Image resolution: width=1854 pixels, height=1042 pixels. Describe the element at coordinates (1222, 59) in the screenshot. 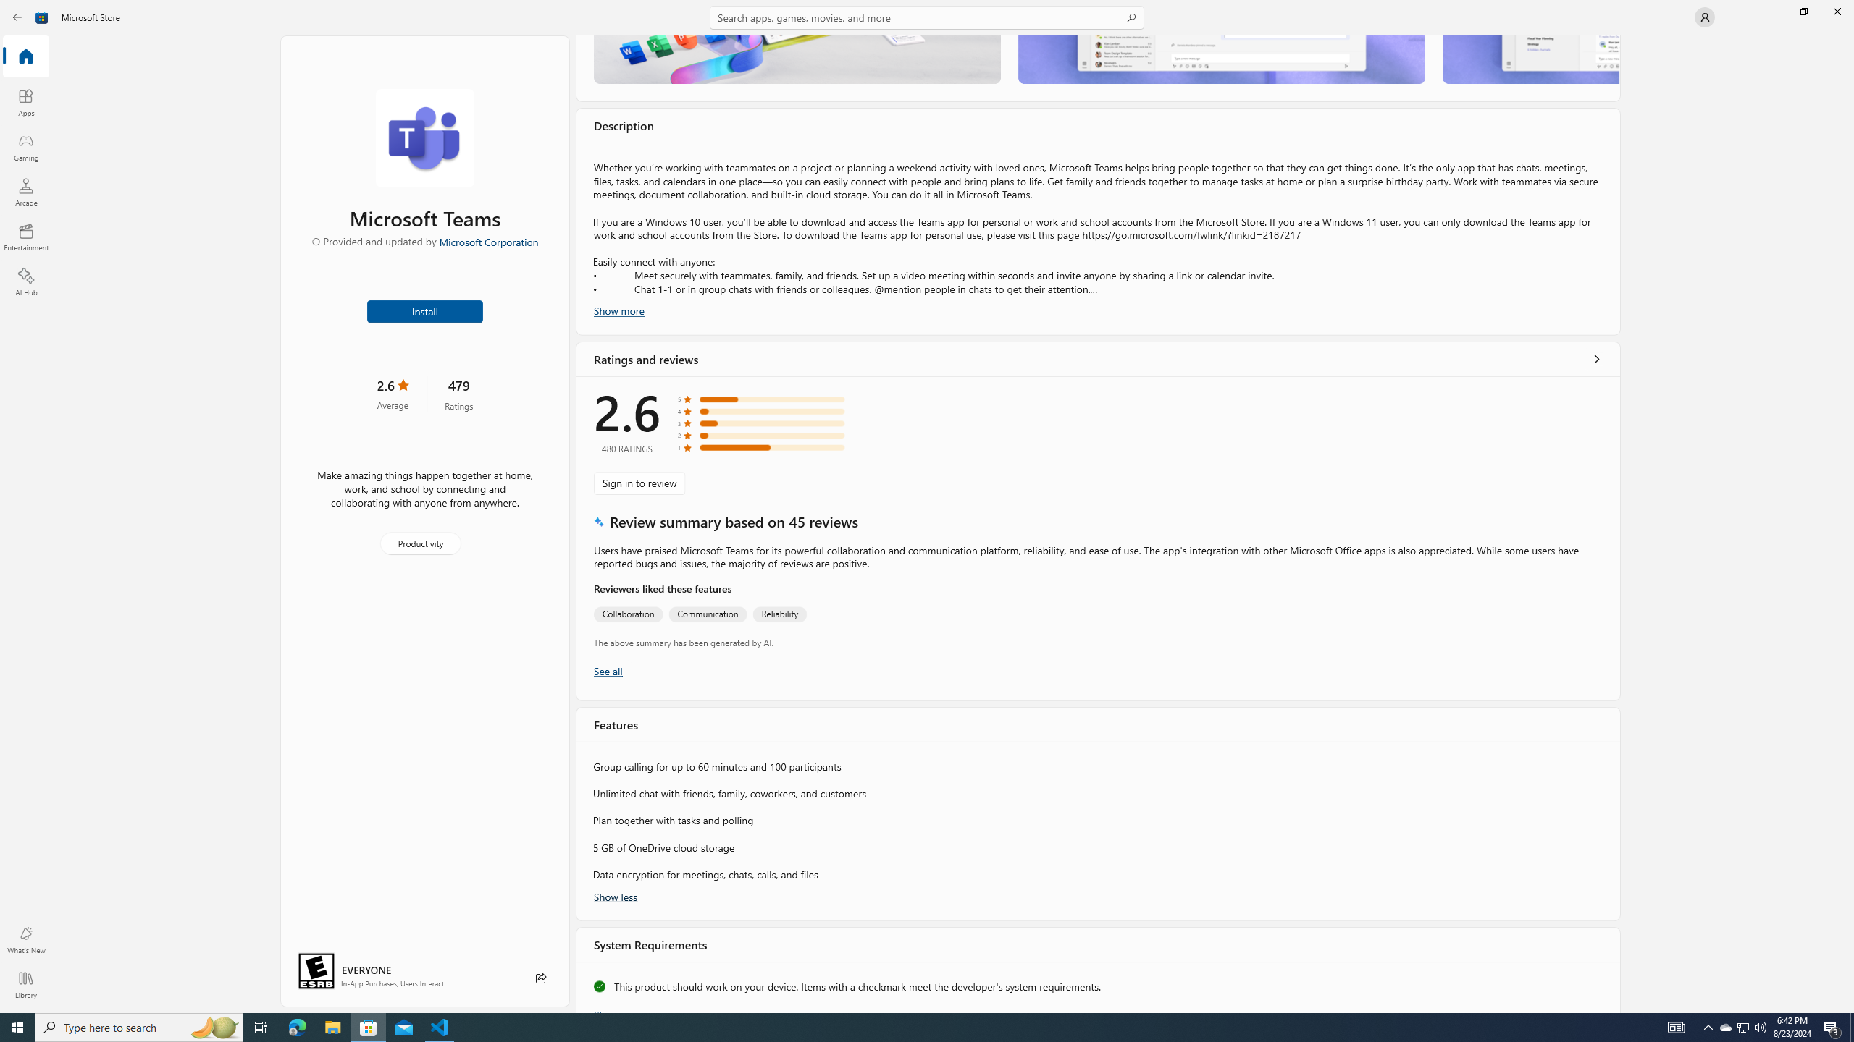

I see `'Screenshot 2'` at that location.